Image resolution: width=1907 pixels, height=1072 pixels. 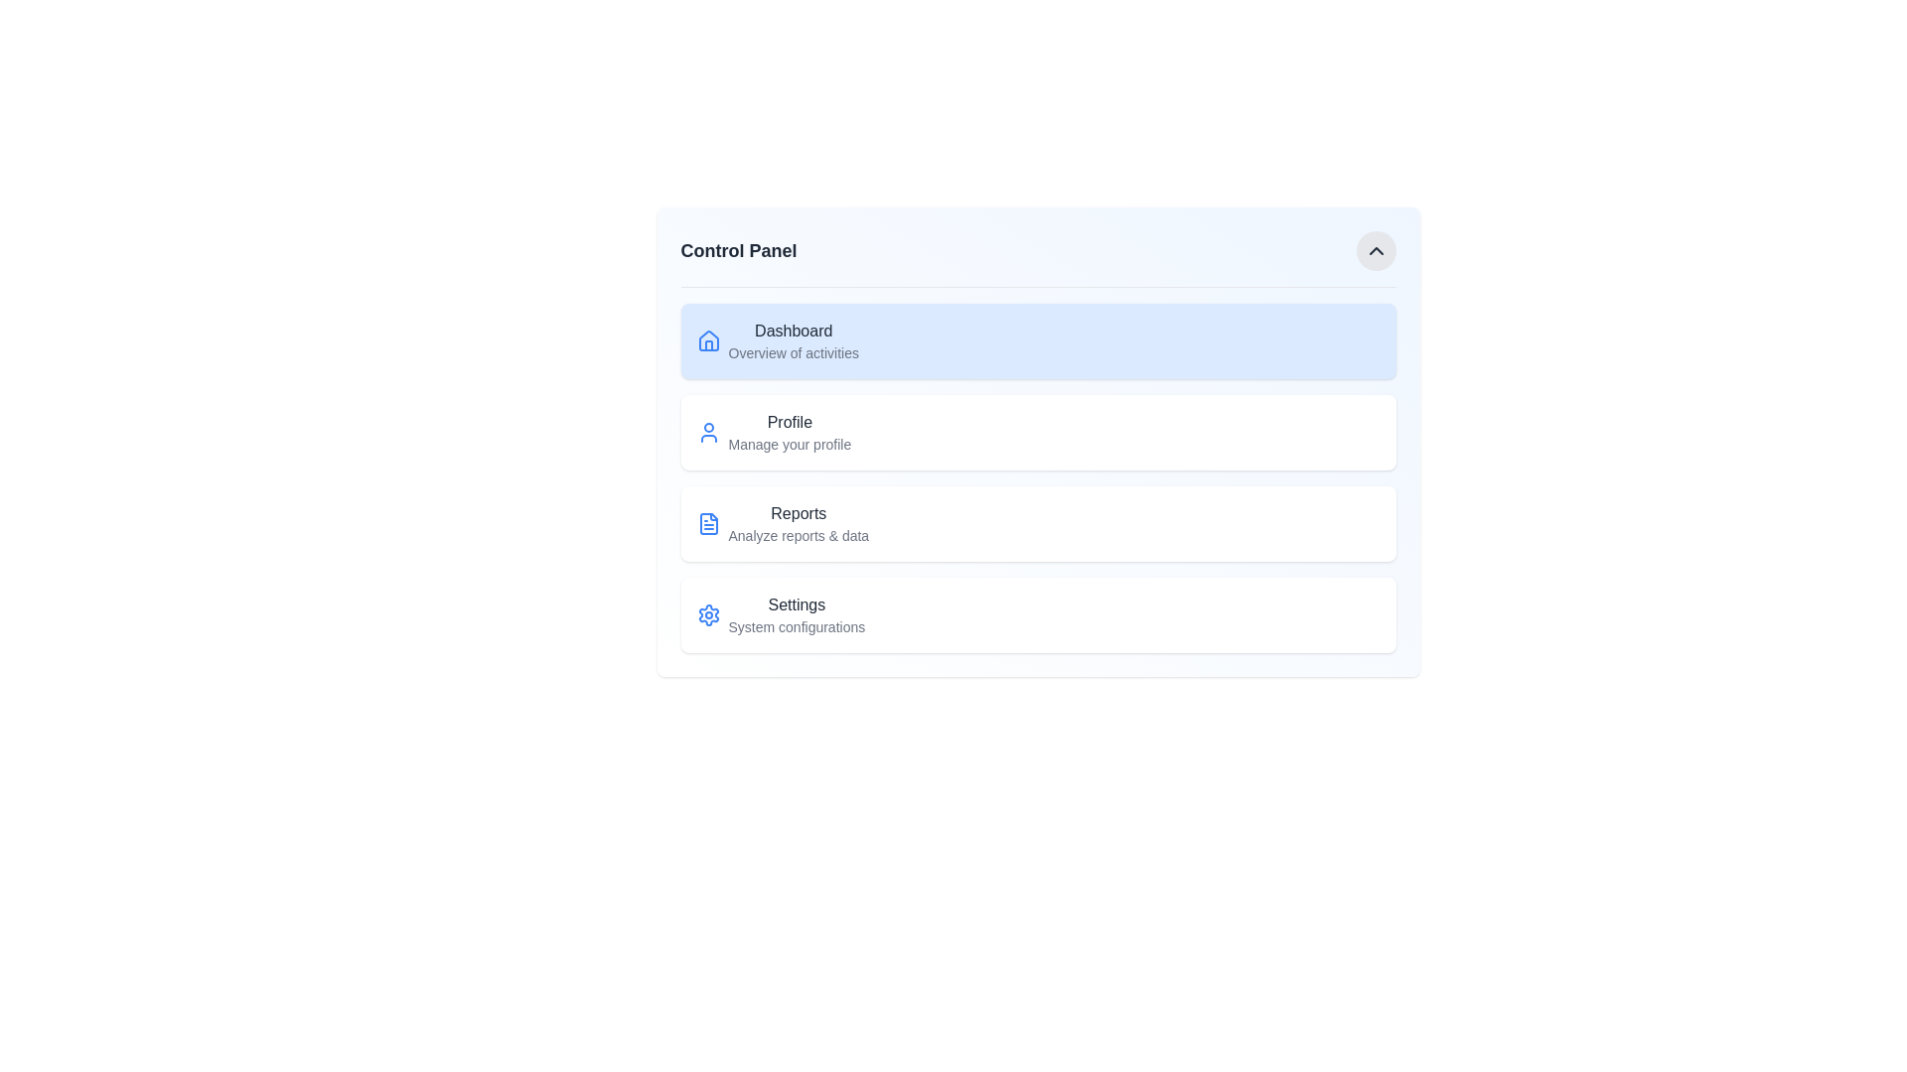 What do you see at coordinates (797, 603) in the screenshot?
I see `the Settings menu title text label, which is the fourth item` at bounding box center [797, 603].